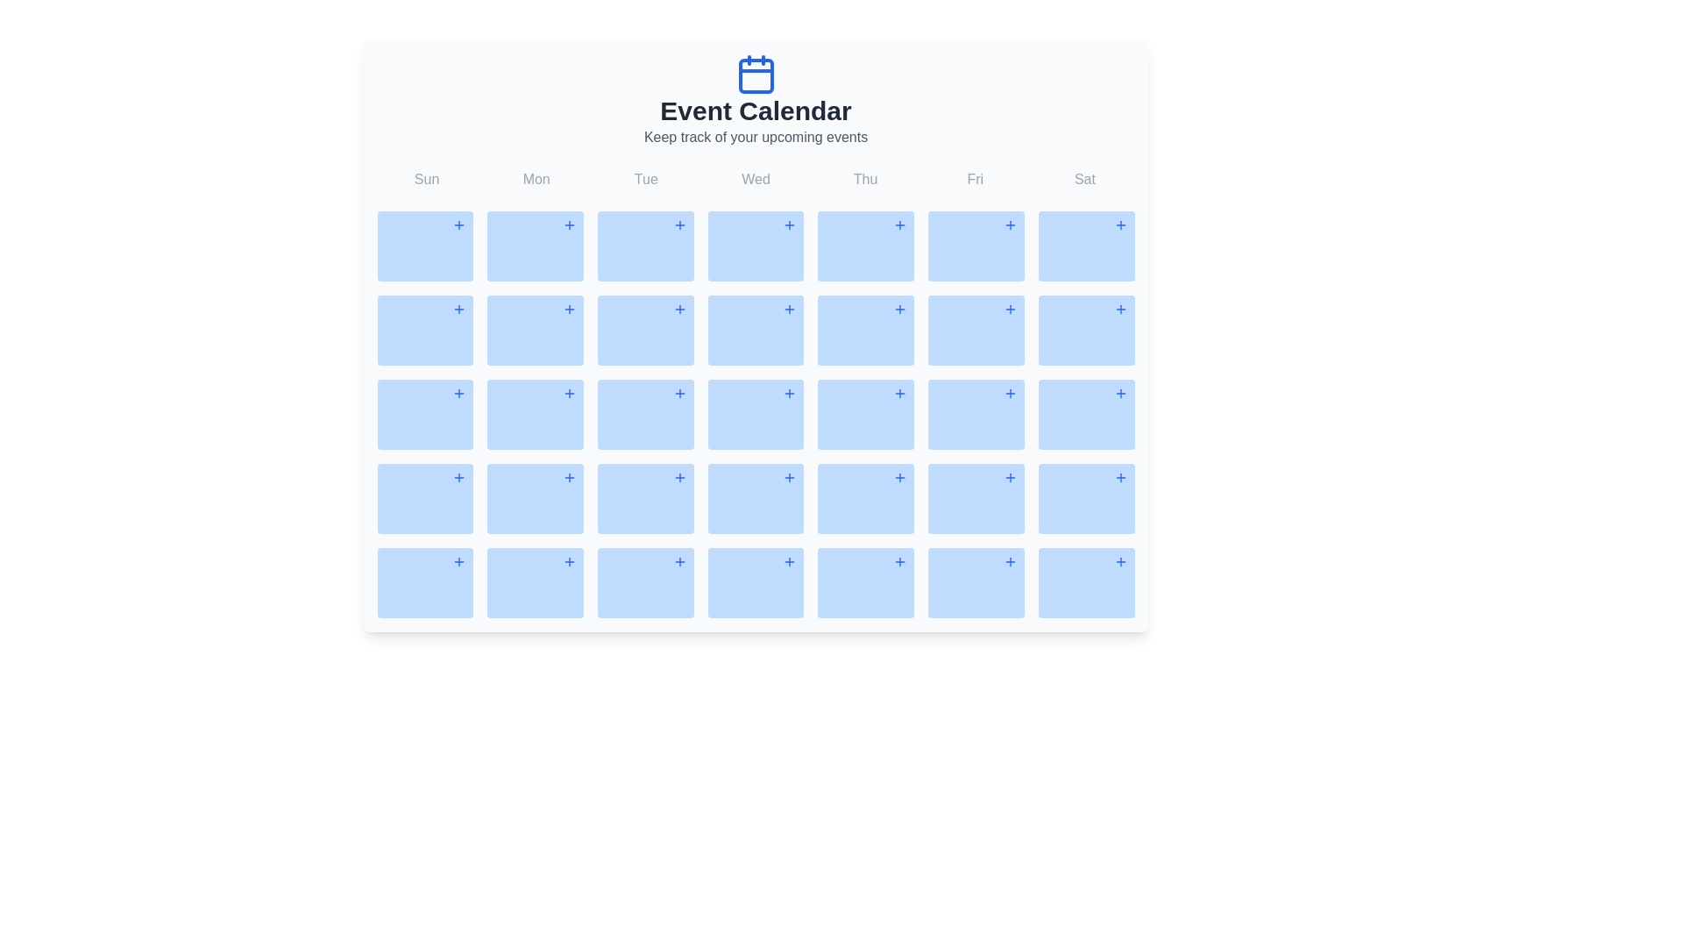 The width and height of the screenshot is (1683, 947). Describe the element at coordinates (1010, 224) in the screenshot. I see `the Icon button located at the top right of the fifth column (Friday) in the calendar grid to change its color` at that location.